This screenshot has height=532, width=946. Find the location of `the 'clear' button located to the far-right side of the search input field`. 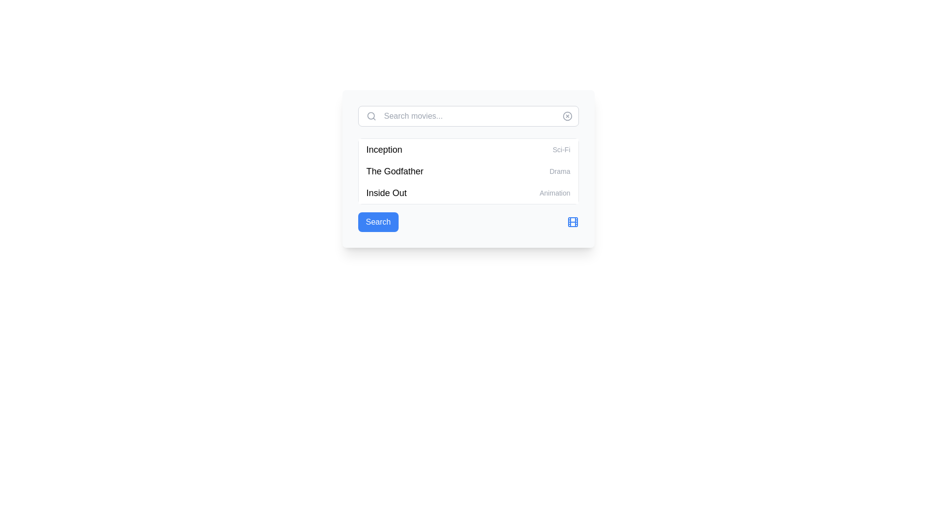

the 'clear' button located to the far-right side of the search input field is located at coordinates (567, 115).